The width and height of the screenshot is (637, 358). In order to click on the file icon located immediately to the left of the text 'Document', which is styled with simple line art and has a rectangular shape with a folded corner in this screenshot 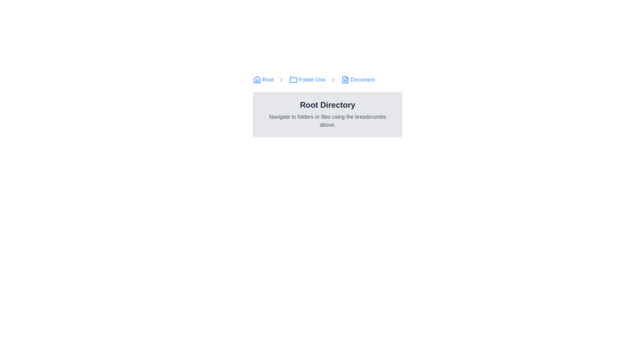, I will do `click(345, 79)`.